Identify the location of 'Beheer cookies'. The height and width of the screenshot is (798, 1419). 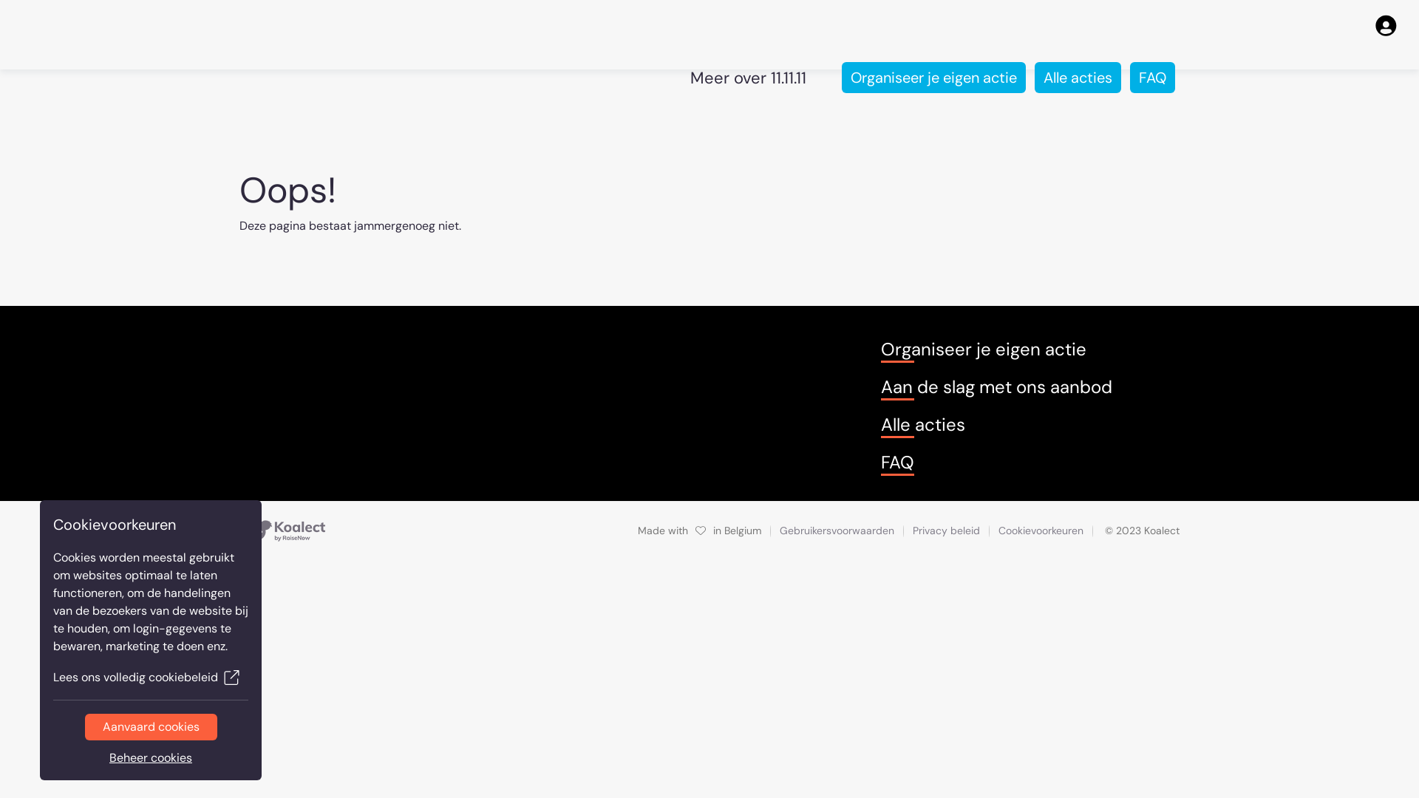
(150, 758).